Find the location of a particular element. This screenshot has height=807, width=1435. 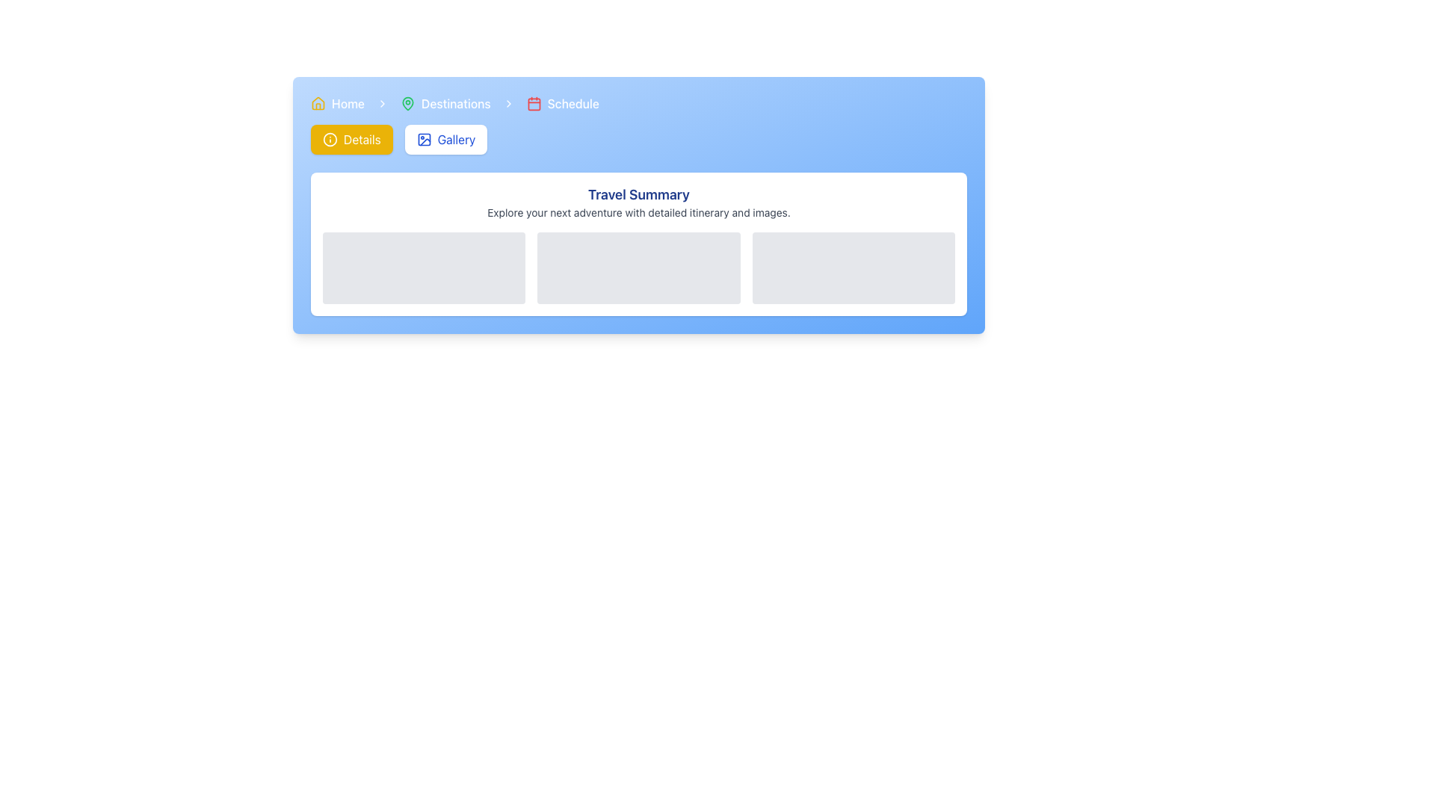

the 'Destinations' breadcrumb link, which is the second item in the breadcrumb navigation bar between 'Home' and 'Schedule' is located at coordinates (444, 102).